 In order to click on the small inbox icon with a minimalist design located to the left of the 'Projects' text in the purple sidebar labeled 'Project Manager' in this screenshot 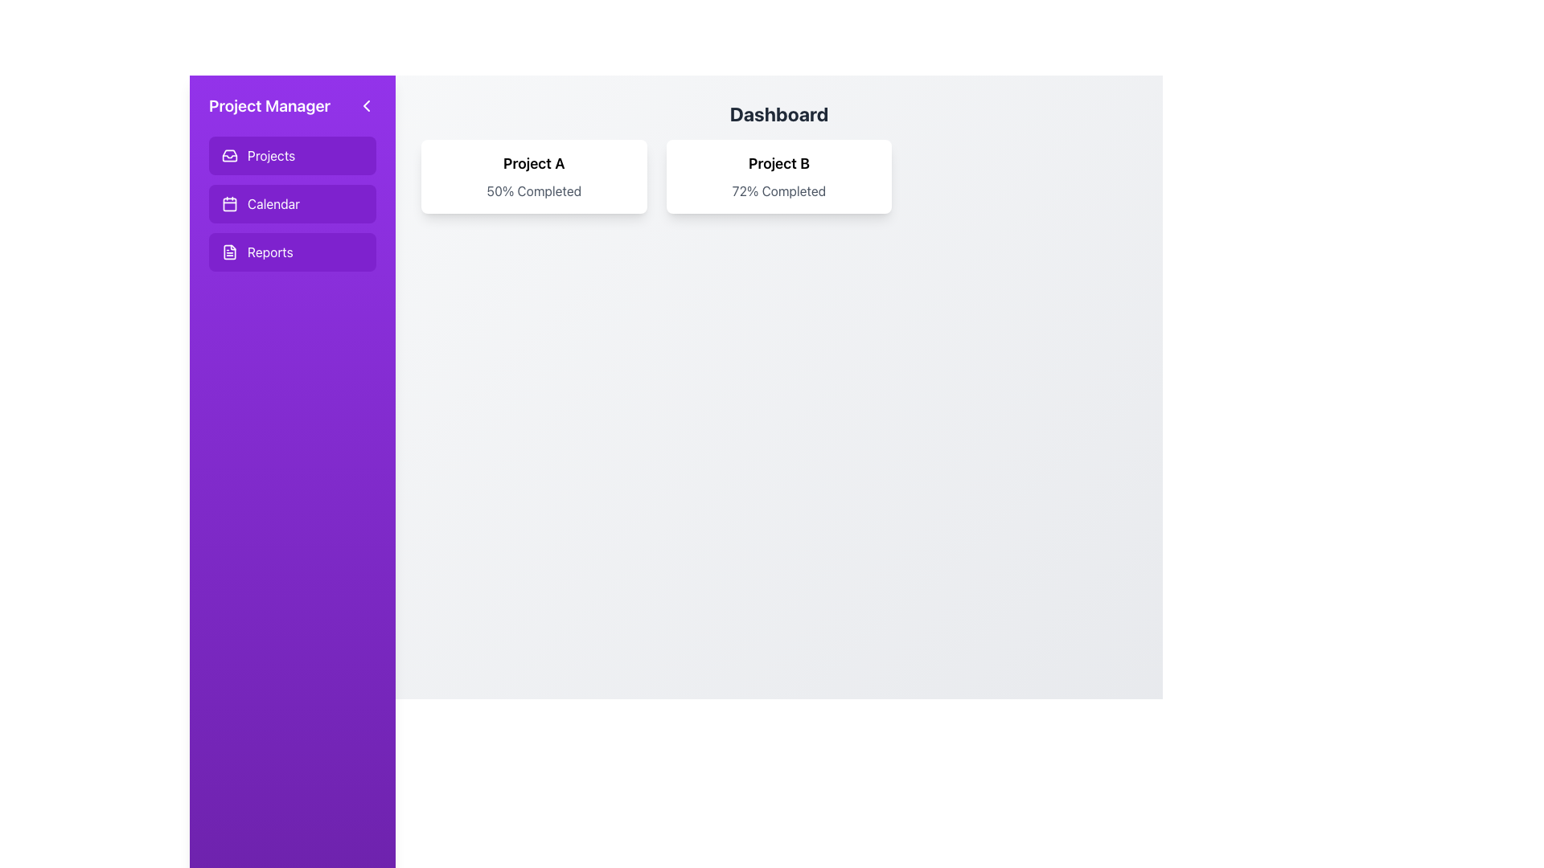, I will do `click(229, 155)`.